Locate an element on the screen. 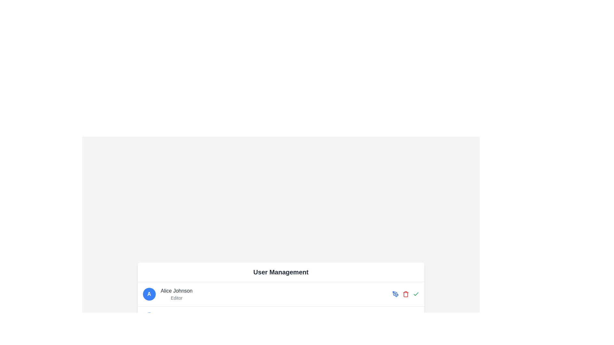 The width and height of the screenshot is (614, 345). the static text label displaying 'Alice Johnson', which is bold and dark gray, located above the 'Editor' label in the user information card is located at coordinates (177, 291).